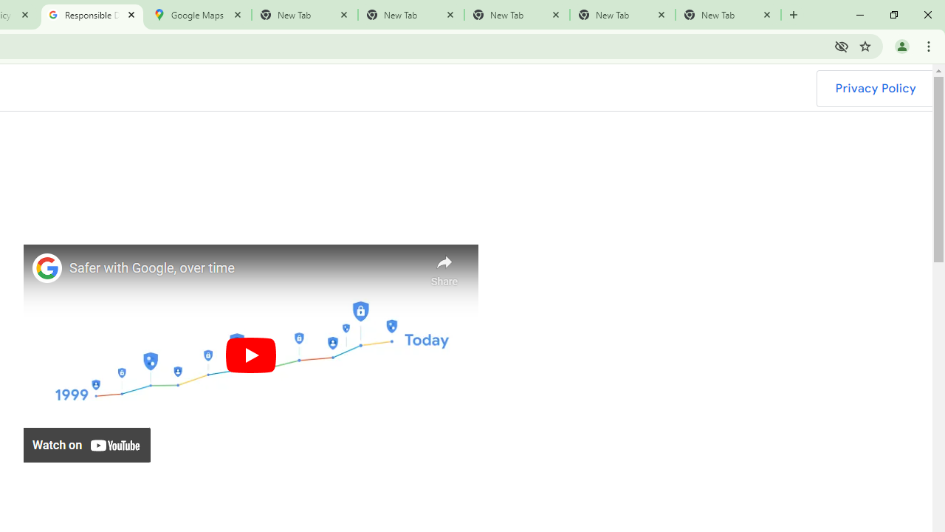 The width and height of the screenshot is (945, 532). What do you see at coordinates (865, 45) in the screenshot?
I see `'Bookmark this tab'` at bounding box center [865, 45].